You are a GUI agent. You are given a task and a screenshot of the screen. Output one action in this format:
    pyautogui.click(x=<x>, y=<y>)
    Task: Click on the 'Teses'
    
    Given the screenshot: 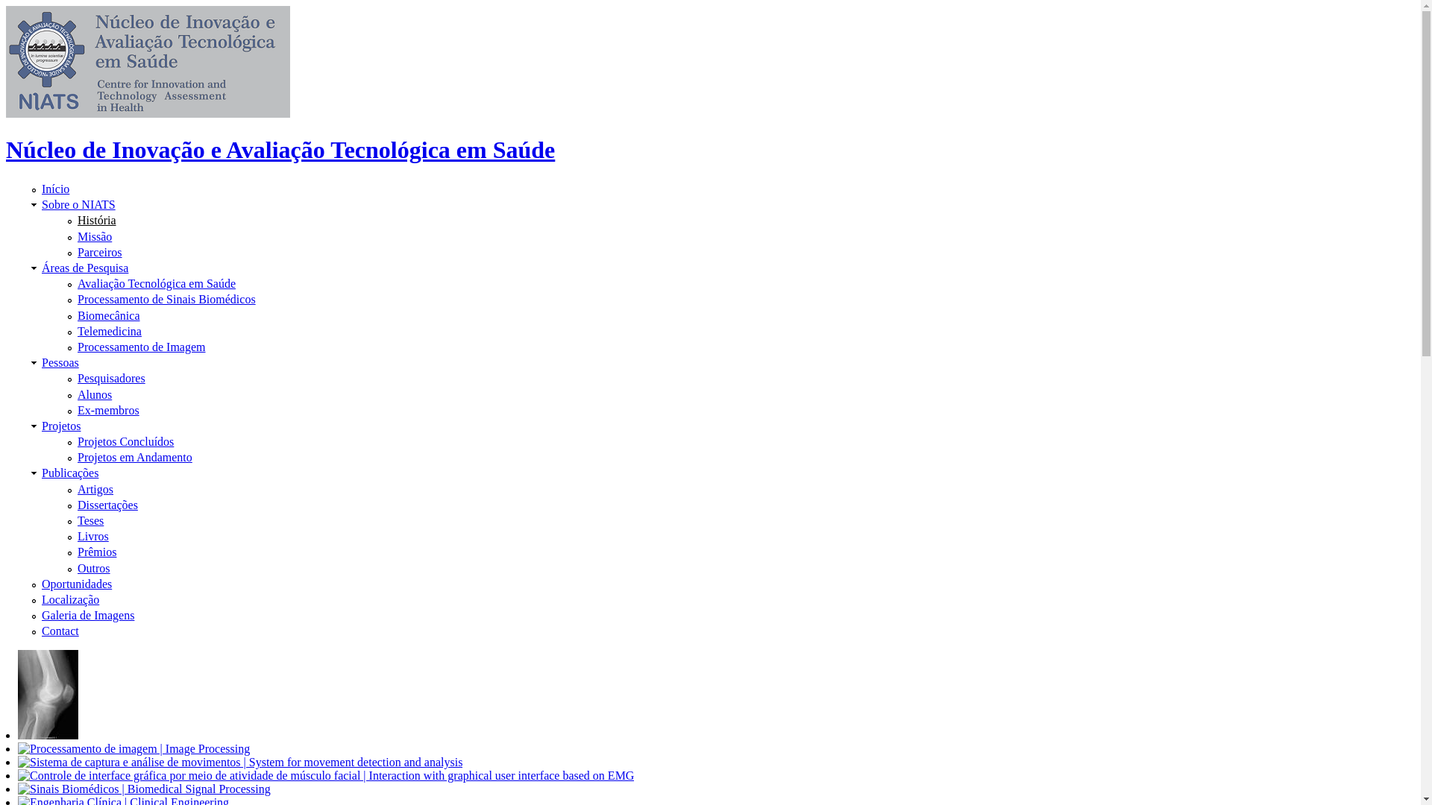 What is the action you would take?
    pyautogui.click(x=77, y=520)
    